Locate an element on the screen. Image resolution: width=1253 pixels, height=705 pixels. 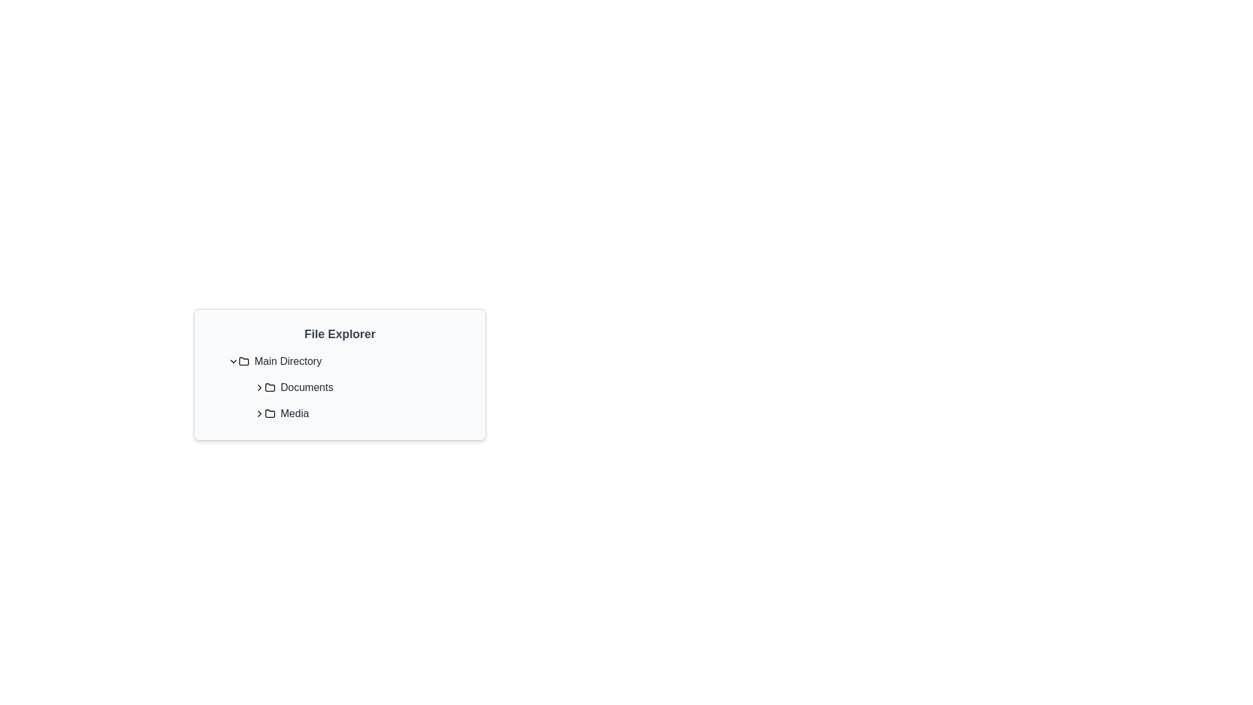
text label that identifies the 'Documents' category in the file explorer interface, which is positioned beneath the 'Main Directory' item and above the 'Media' item is located at coordinates (306, 387).